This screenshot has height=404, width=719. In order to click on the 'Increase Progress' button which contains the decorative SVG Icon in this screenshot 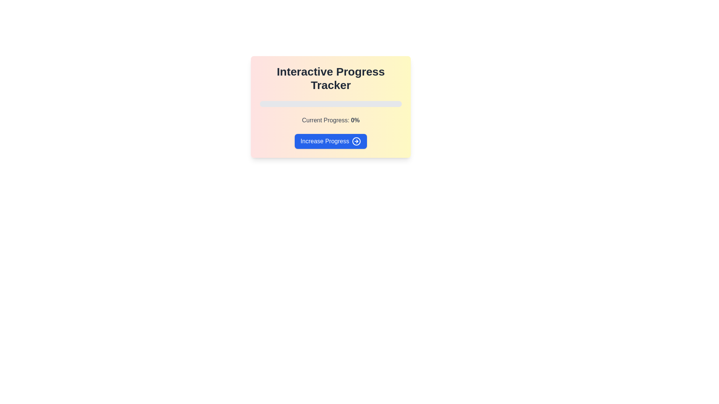, I will do `click(356, 141)`.